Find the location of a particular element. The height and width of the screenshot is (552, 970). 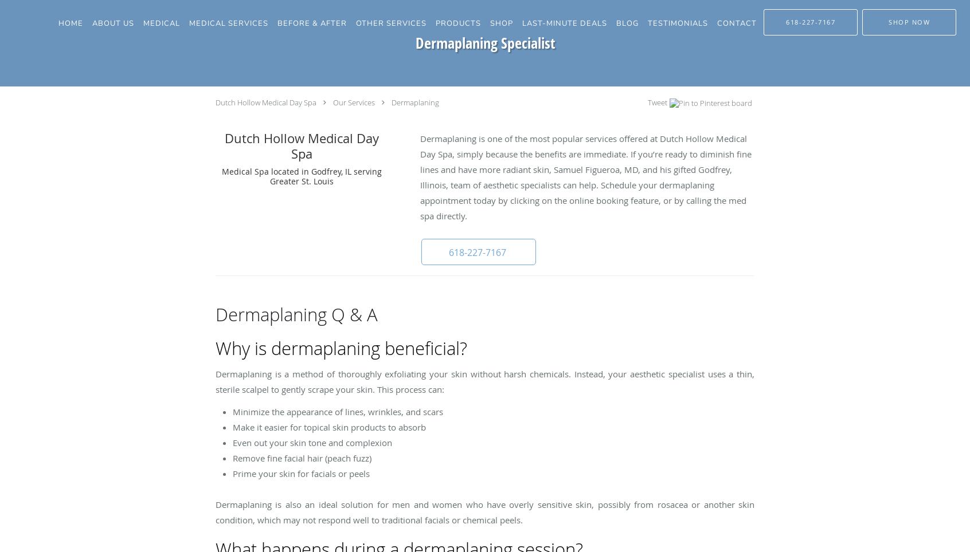

'Remove fine facial hair (peach fuzz)' is located at coordinates (302, 458).